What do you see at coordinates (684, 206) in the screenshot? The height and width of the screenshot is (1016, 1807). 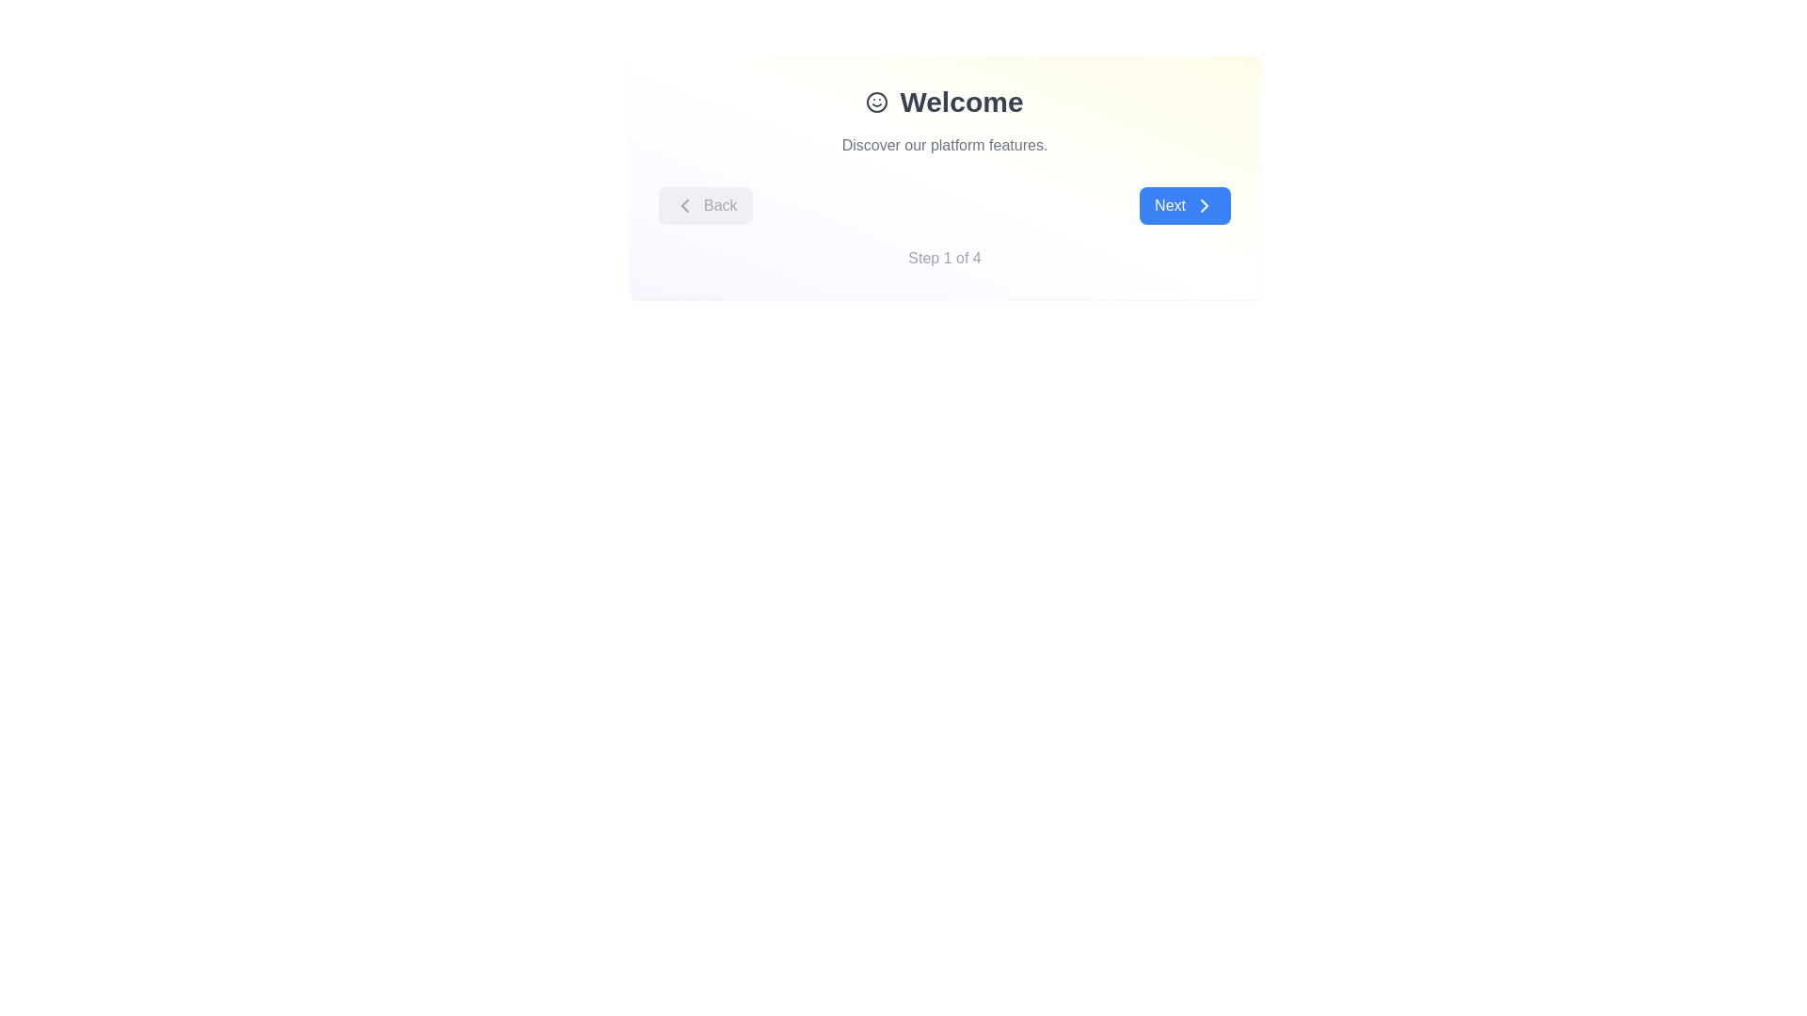 I see `the left-side 'Back' button which features an arrow icon` at bounding box center [684, 206].